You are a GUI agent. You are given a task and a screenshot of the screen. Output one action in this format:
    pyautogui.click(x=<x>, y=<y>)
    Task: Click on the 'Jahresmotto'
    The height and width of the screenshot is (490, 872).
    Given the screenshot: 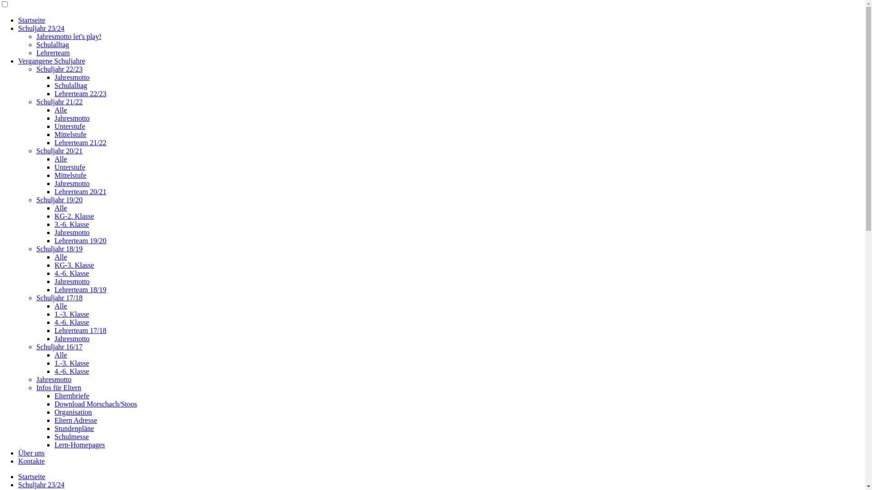 What is the action you would take?
    pyautogui.click(x=71, y=183)
    